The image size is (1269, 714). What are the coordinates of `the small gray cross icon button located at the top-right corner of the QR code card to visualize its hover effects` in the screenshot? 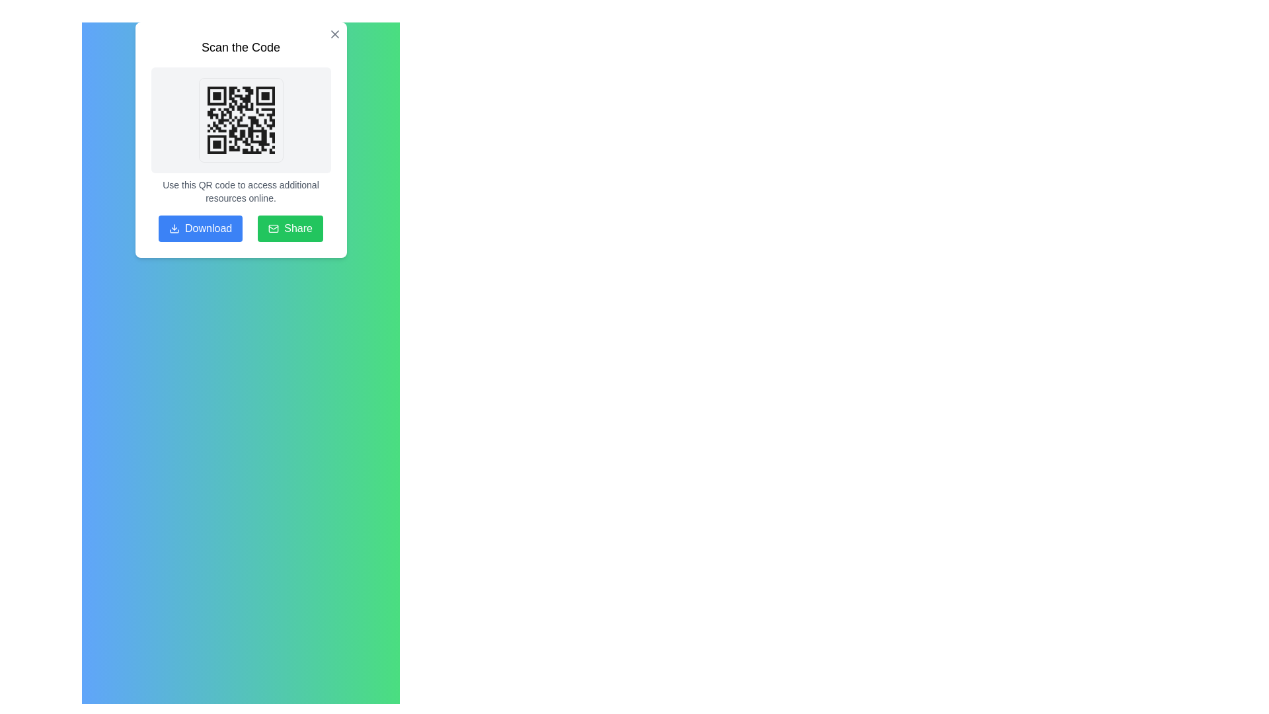 It's located at (334, 33).